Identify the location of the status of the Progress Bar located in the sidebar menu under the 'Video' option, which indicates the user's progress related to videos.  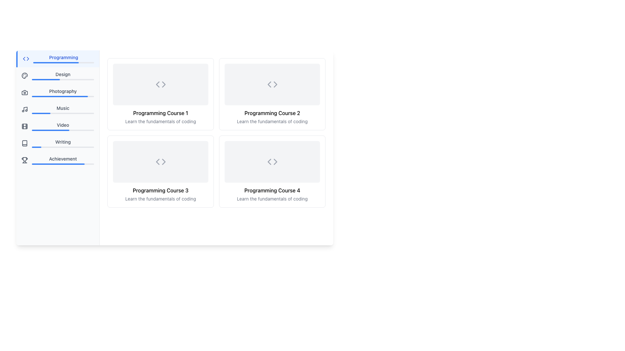
(63, 126).